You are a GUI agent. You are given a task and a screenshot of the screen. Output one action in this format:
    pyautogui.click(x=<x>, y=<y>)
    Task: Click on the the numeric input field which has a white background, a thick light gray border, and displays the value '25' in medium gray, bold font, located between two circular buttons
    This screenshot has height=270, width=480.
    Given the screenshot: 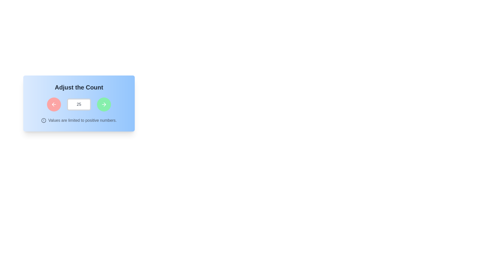 What is the action you would take?
    pyautogui.click(x=79, y=104)
    